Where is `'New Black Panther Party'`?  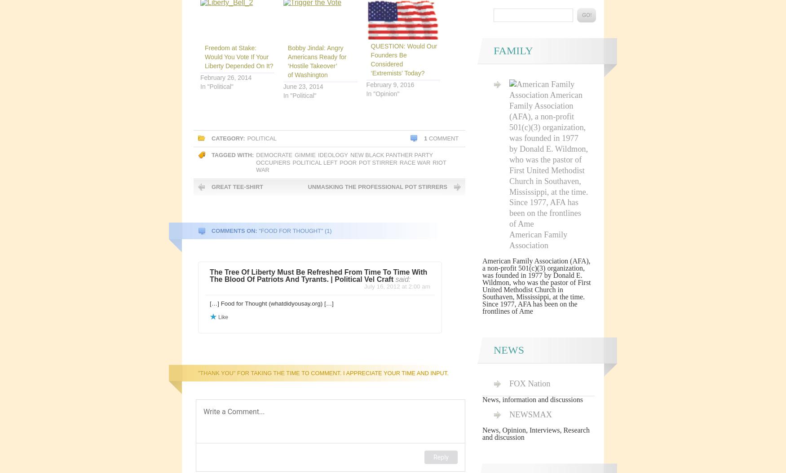
'New Black Panther Party' is located at coordinates (391, 155).